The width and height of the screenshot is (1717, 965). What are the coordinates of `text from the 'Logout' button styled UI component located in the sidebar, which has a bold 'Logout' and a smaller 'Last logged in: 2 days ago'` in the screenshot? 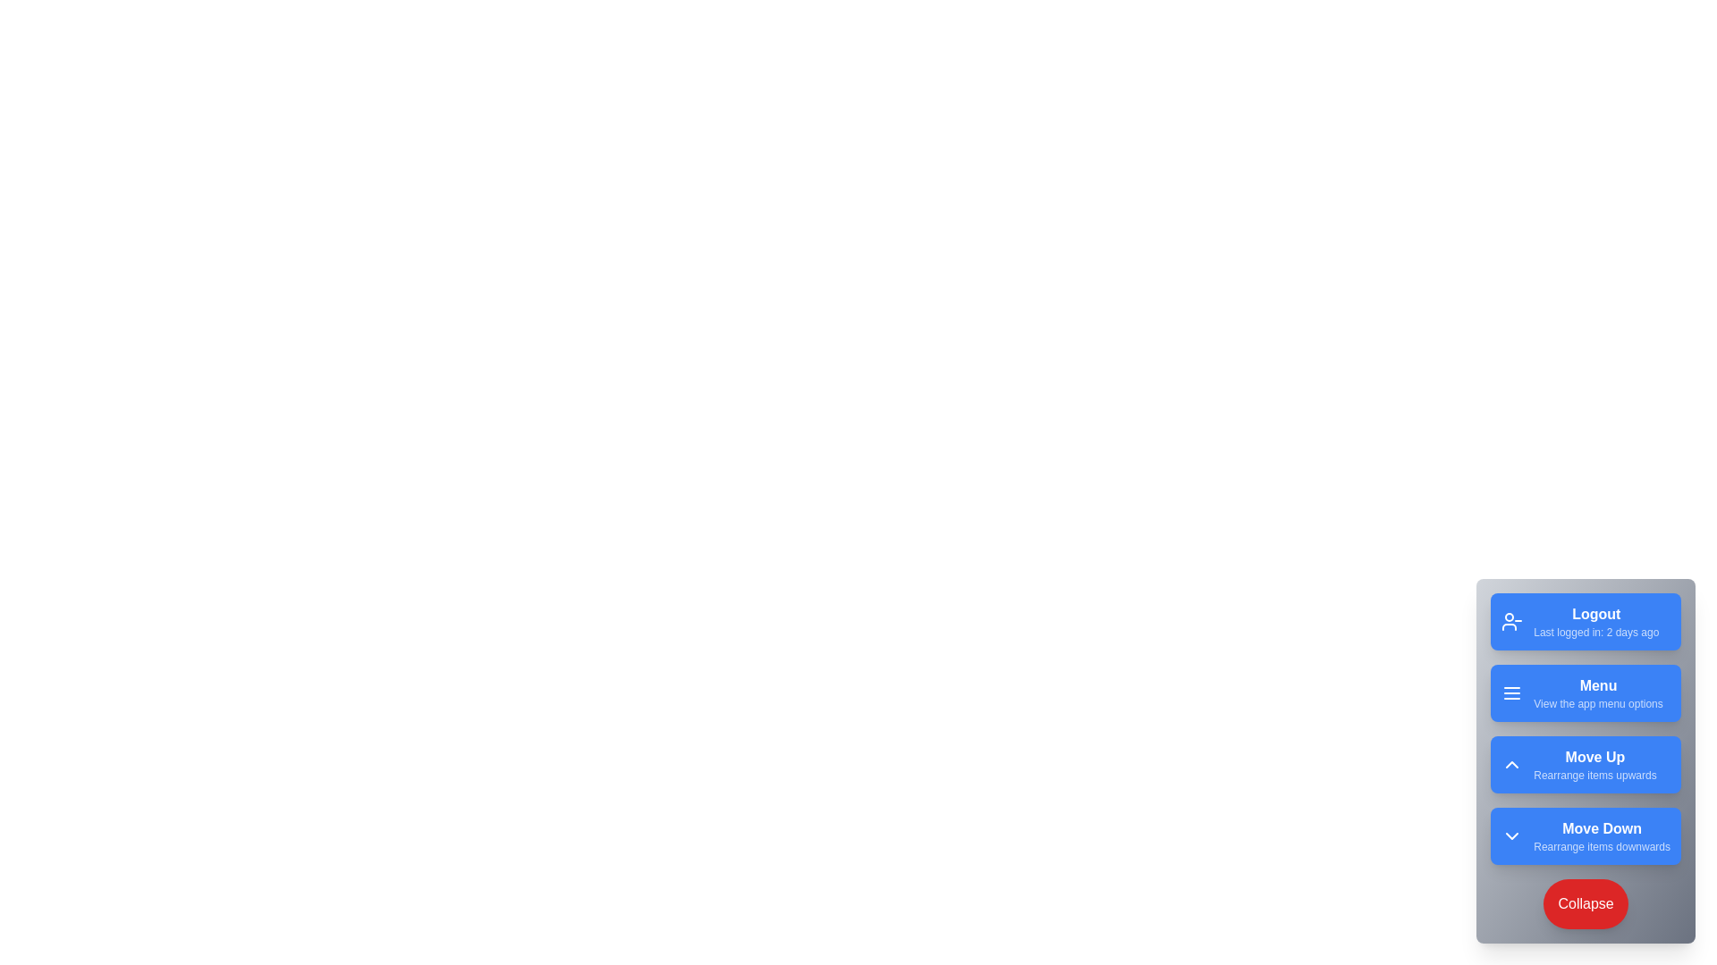 It's located at (1596, 620).